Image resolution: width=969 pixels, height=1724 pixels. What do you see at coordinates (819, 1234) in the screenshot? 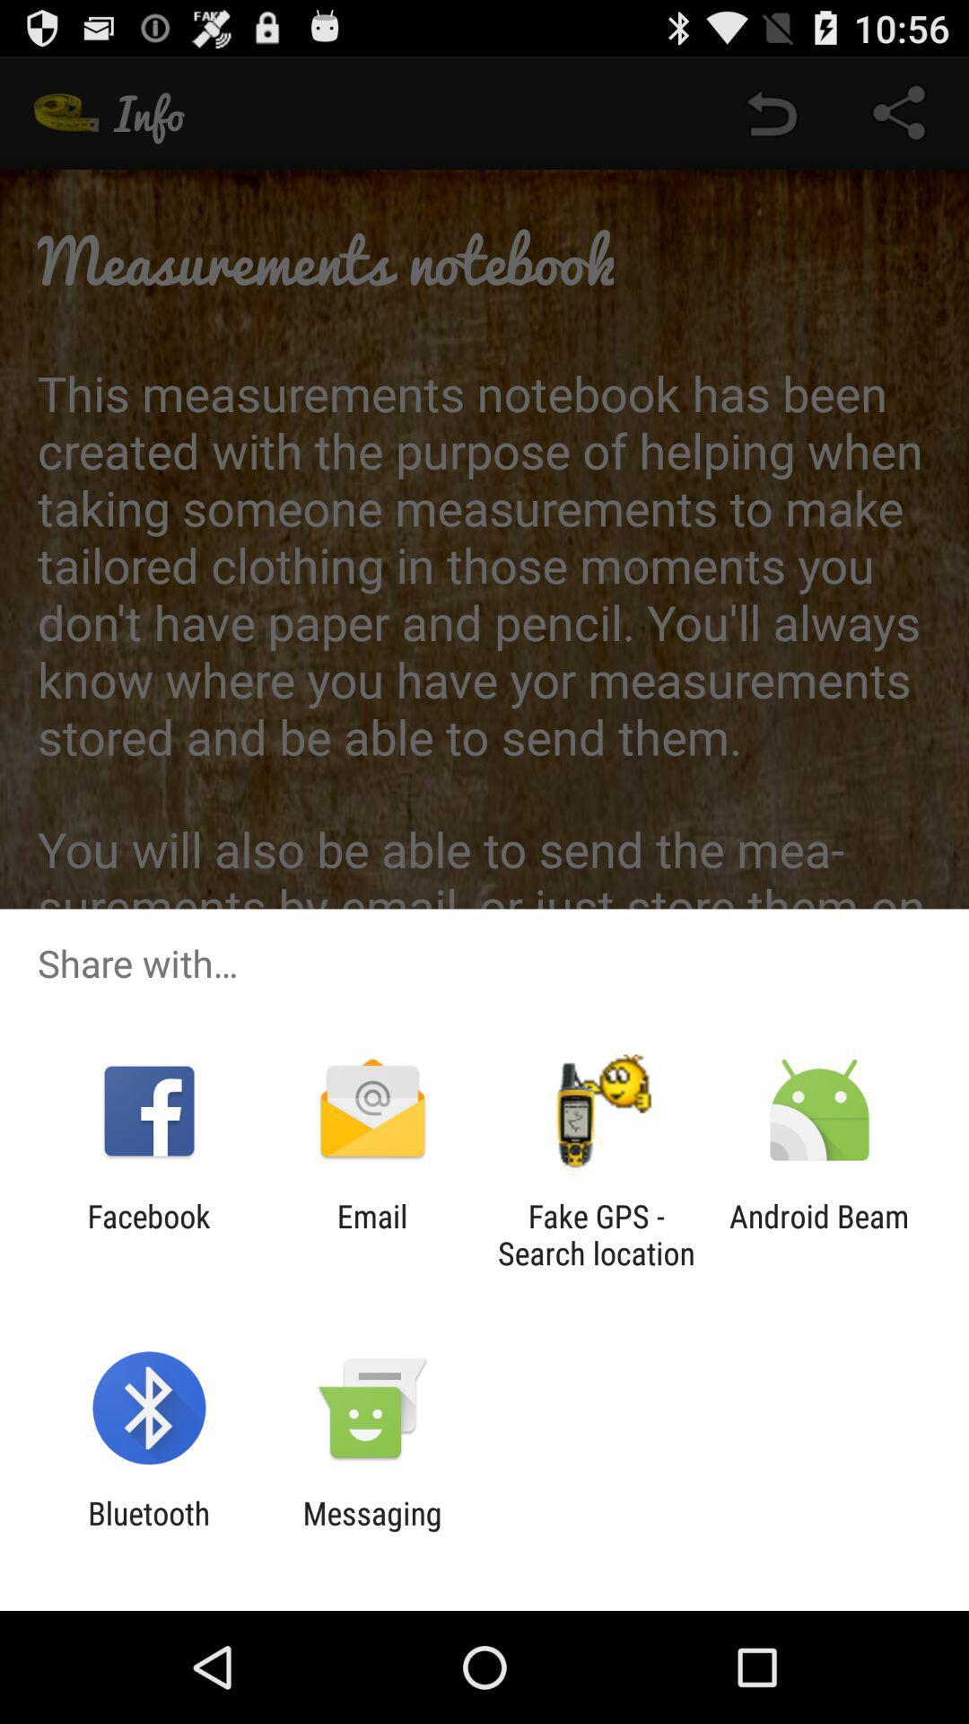
I see `the android beam` at bounding box center [819, 1234].